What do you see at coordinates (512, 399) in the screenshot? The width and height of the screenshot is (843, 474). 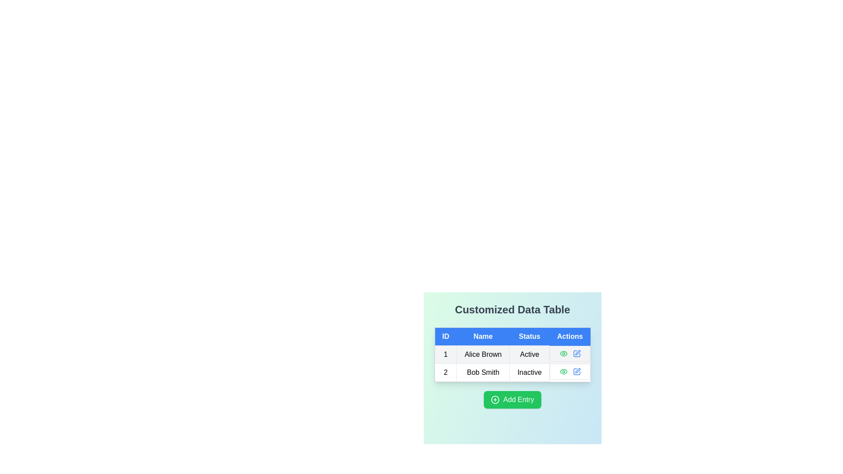 I see `the green 'Add Entry' button located below the 'Customized Data Table', which is centrally aligned and the only interactive button in that region` at bounding box center [512, 399].